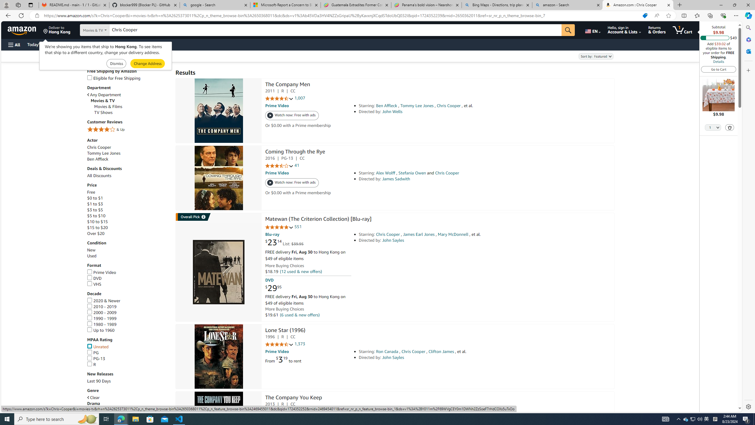 Image resolution: width=755 pixels, height=425 pixels. What do you see at coordinates (22, 30) in the screenshot?
I see `'Amazon'` at bounding box center [22, 30].